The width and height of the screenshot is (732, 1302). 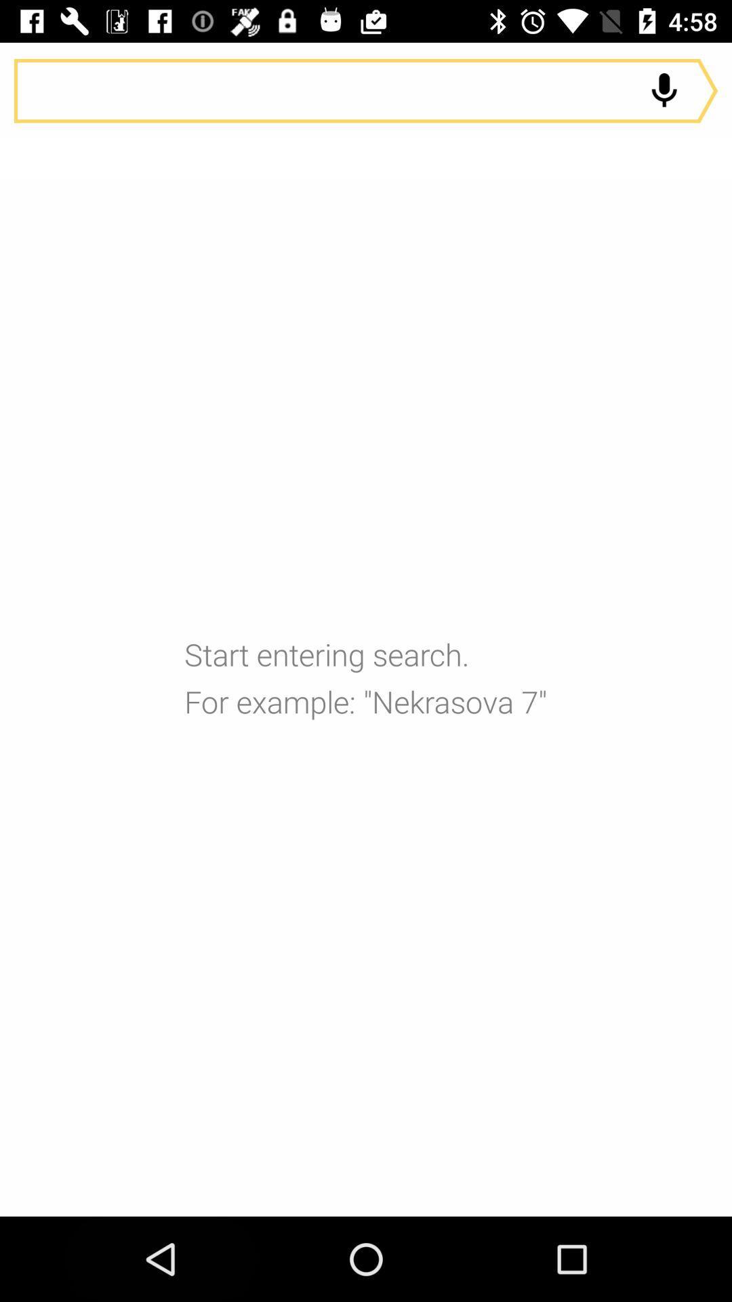 I want to click on voice search, so click(x=664, y=90).